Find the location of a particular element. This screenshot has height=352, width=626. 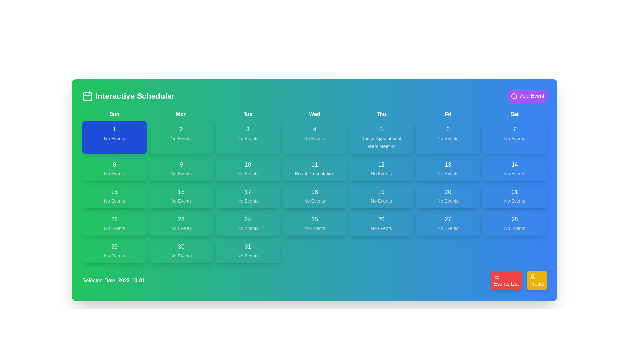

the static text label displaying the day number '24' in the calendar view, located in the bottom row of the fourth column under 'Tue' is located at coordinates (247, 219).